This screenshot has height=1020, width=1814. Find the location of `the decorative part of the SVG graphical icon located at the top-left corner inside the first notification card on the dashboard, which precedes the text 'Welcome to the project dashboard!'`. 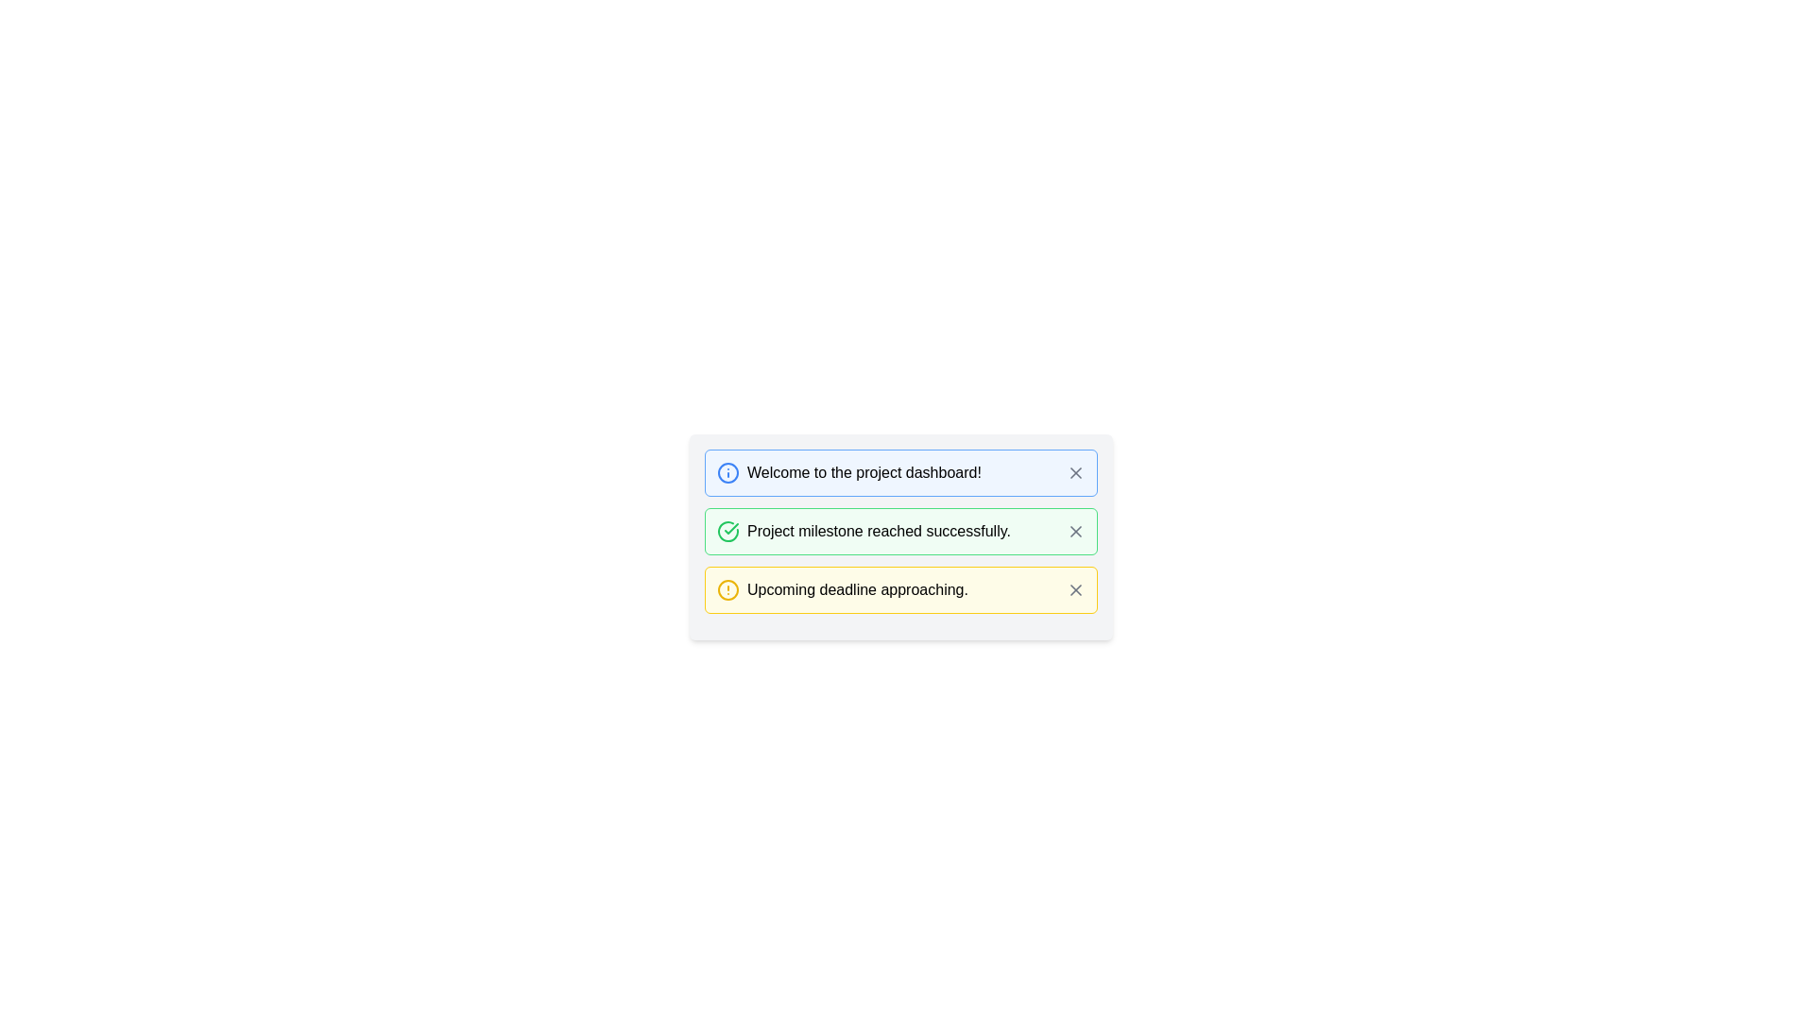

the decorative part of the SVG graphical icon located at the top-left corner inside the first notification card on the dashboard, which precedes the text 'Welcome to the project dashboard!' is located at coordinates (727, 472).